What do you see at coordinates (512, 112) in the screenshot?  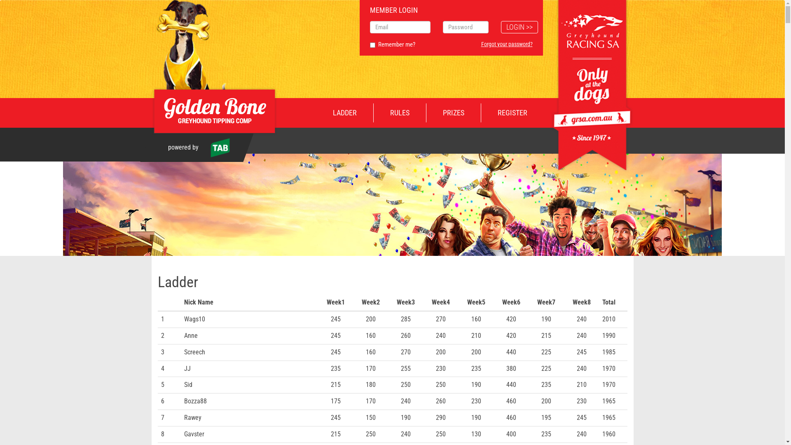 I see `'REGISTER'` at bounding box center [512, 112].